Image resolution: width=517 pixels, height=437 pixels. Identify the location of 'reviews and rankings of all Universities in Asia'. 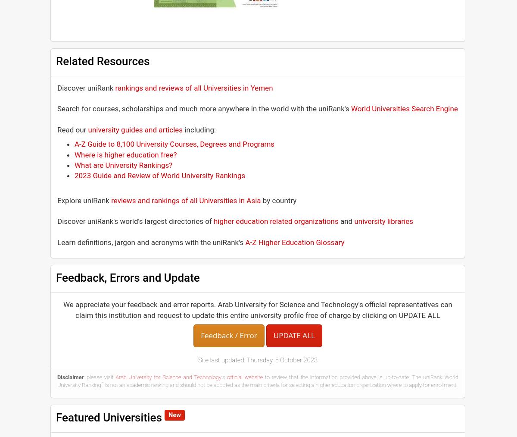
(186, 199).